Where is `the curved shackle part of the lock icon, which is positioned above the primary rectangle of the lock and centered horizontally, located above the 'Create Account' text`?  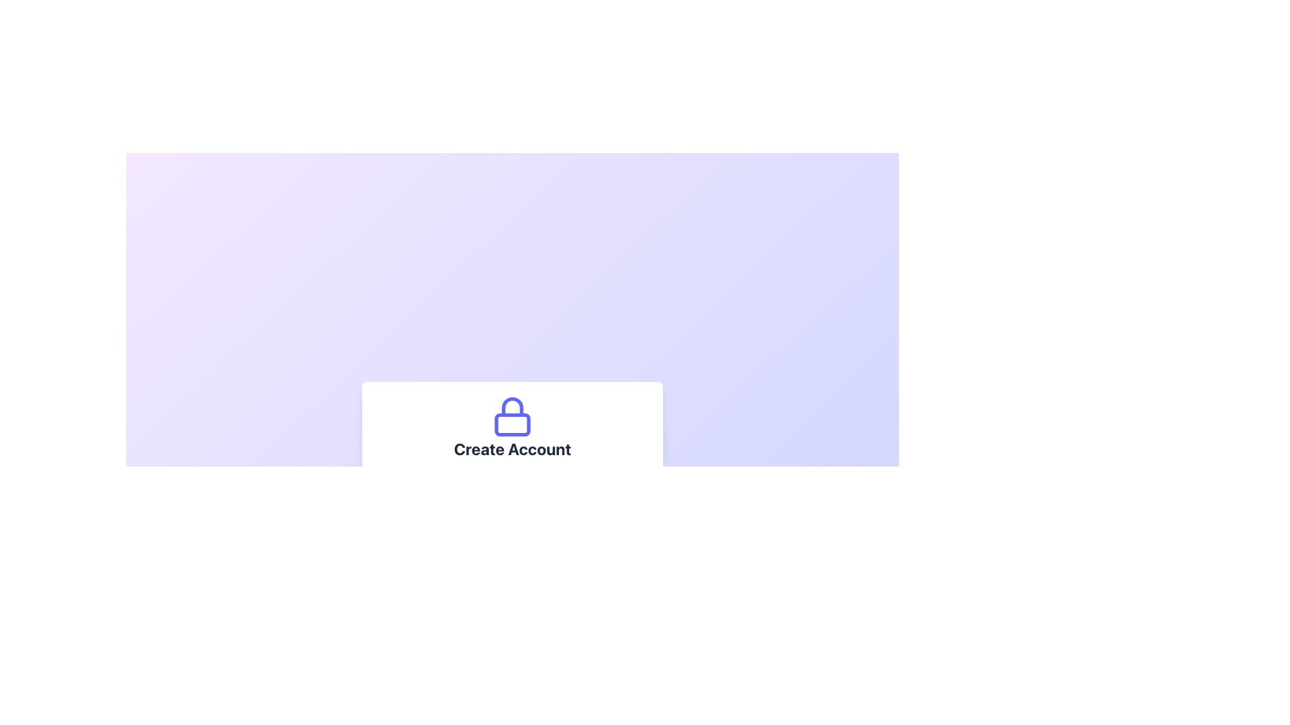 the curved shackle part of the lock icon, which is positioned above the primary rectangle of the lock and centered horizontally, located above the 'Create Account' text is located at coordinates (512, 405).